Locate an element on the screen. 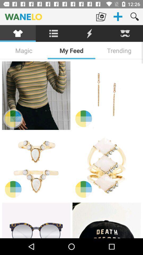 The height and width of the screenshot is (255, 143). the item below wanelo is located at coordinates (89, 33).